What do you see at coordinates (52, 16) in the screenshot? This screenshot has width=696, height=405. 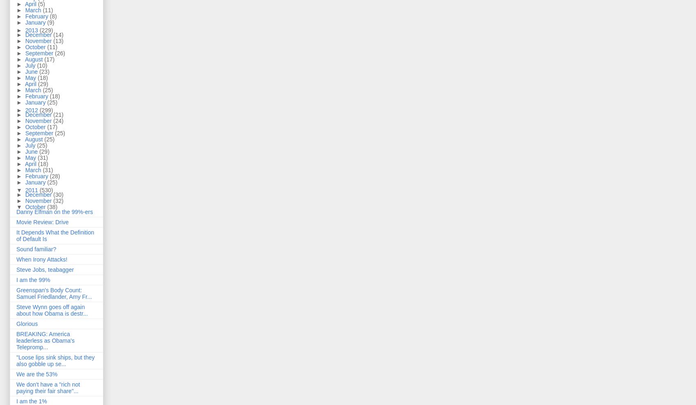 I see `'(8)'` at bounding box center [52, 16].